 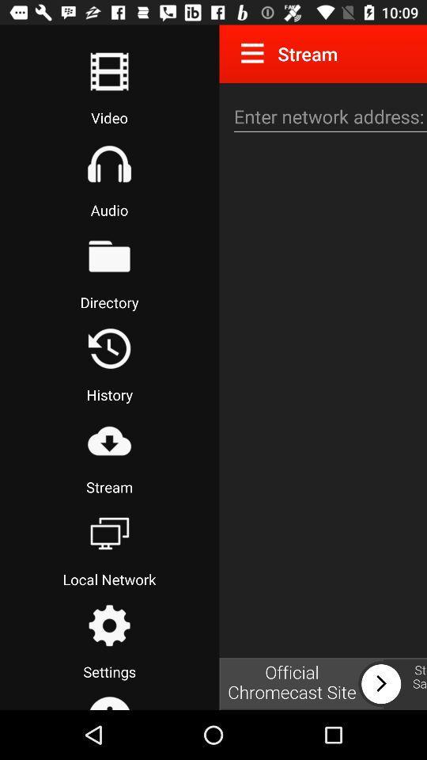 I want to click on the list icon, so click(x=108, y=71).